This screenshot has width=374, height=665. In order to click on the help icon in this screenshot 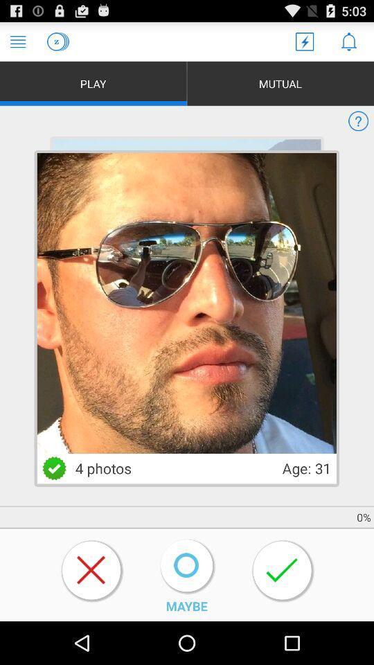, I will do `click(358, 130)`.